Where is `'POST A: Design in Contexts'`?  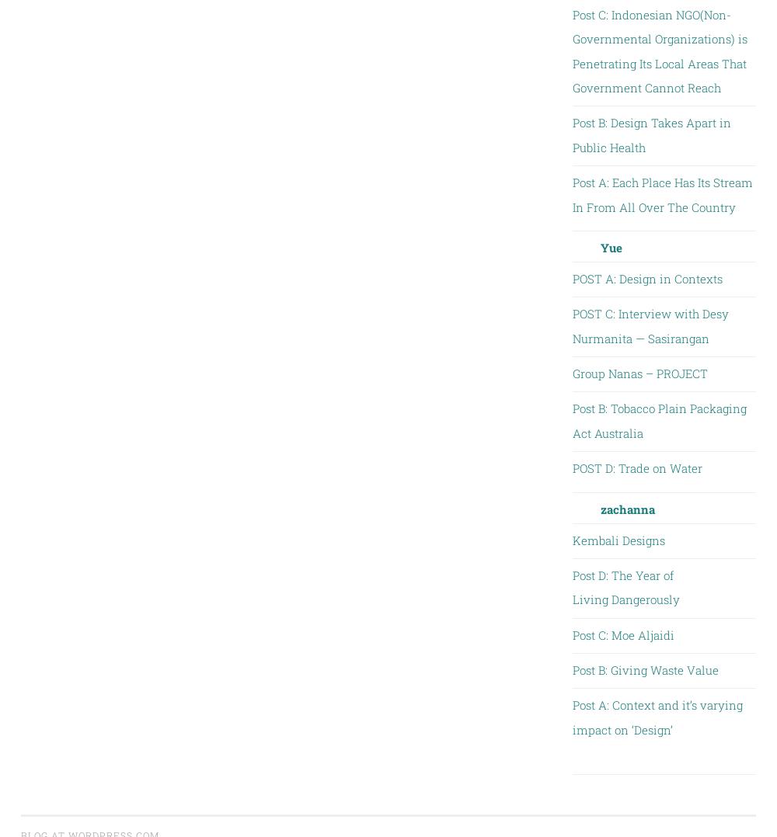 'POST A: Design in Contexts' is located at coordinates (646, 278).